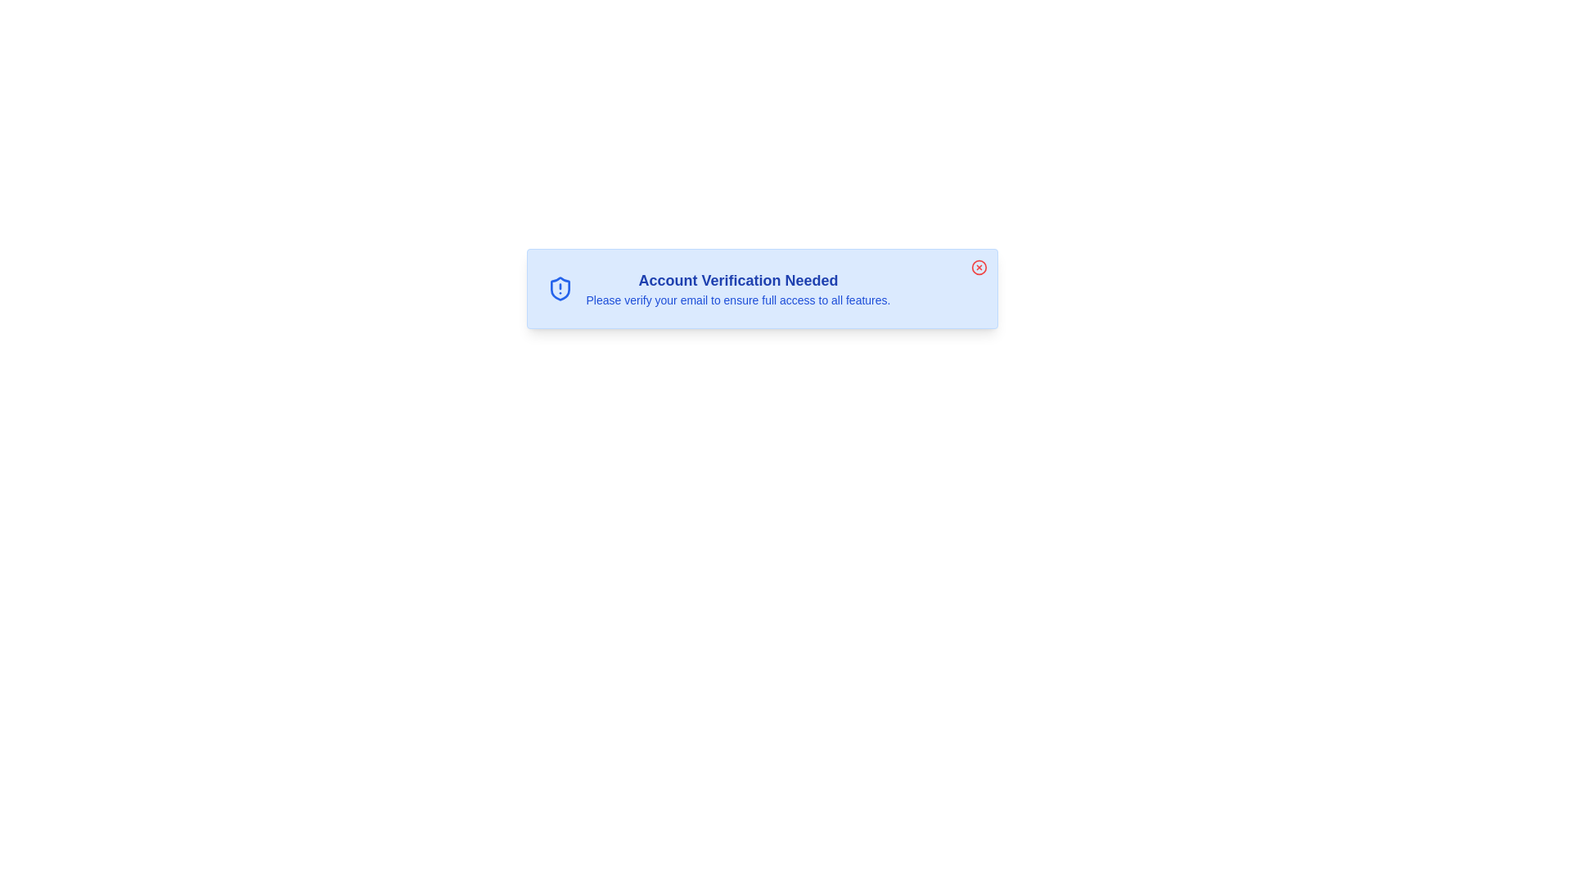  I want to click on the warning icon that resembles a shield with an exclamation mark, positioned at the start of the notification card regarding 'Account Verification Needed', so click(560, 288).